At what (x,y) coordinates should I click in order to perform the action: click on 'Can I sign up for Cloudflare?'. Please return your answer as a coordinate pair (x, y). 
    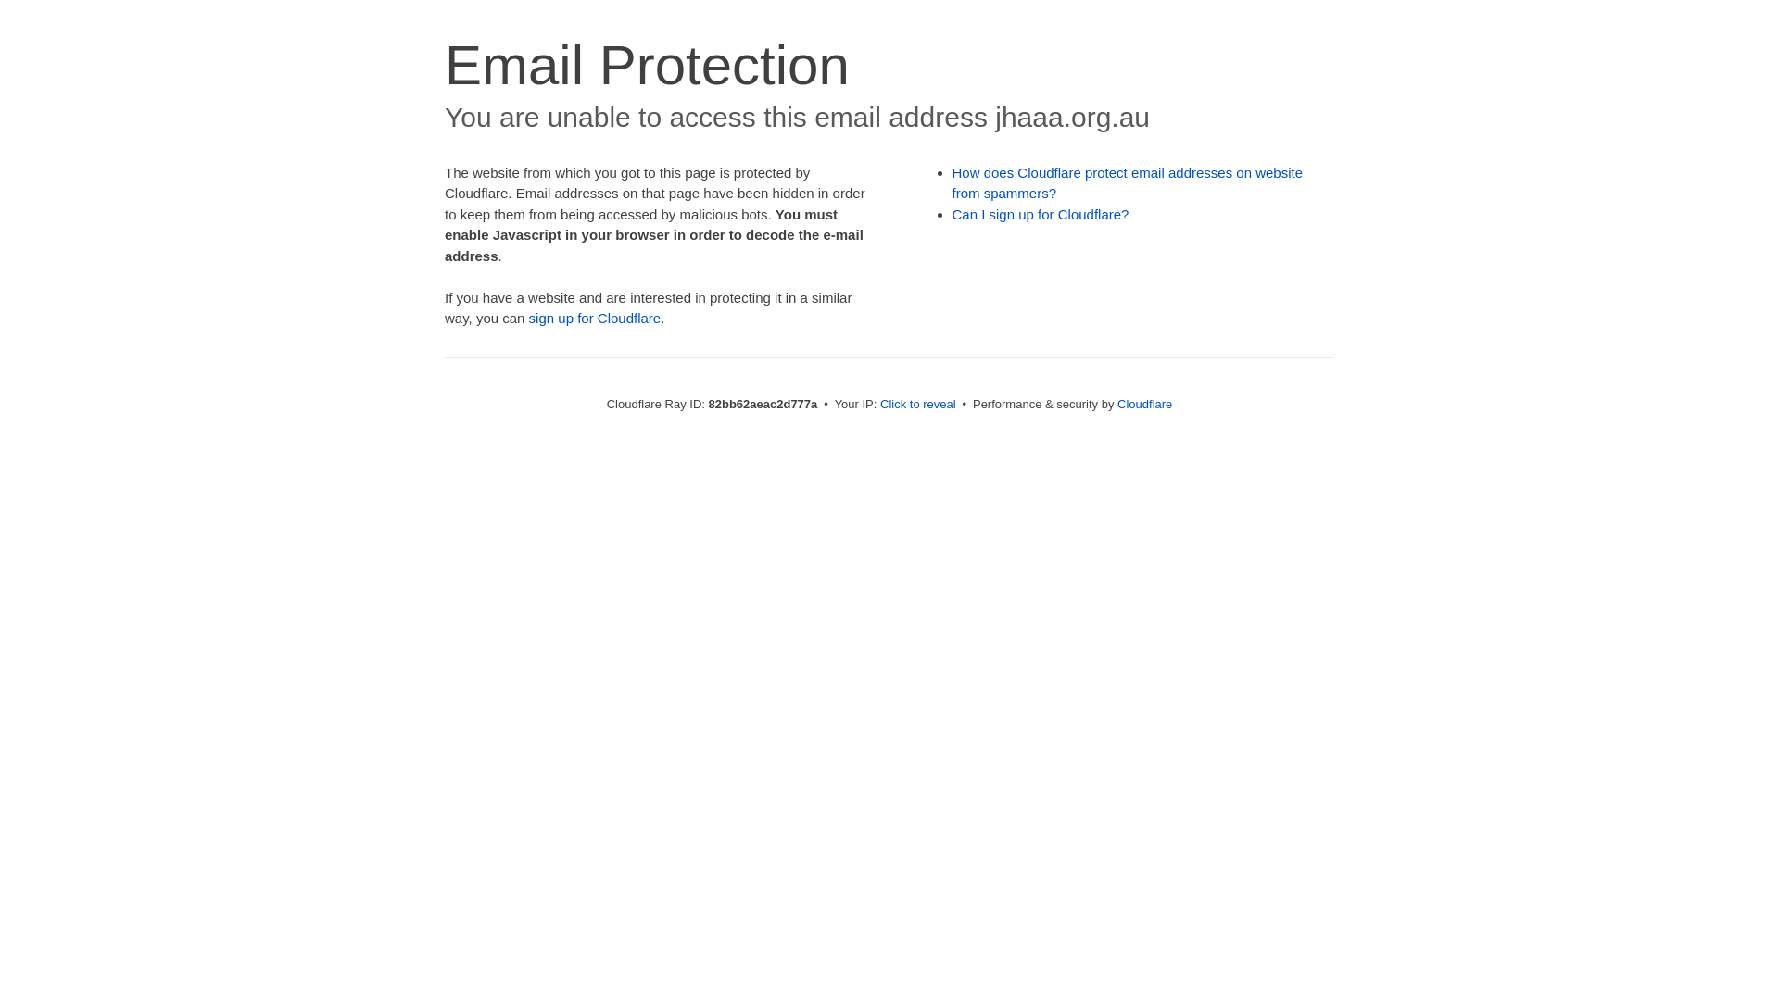
    Looking at the image, I should click on (1041, 213).